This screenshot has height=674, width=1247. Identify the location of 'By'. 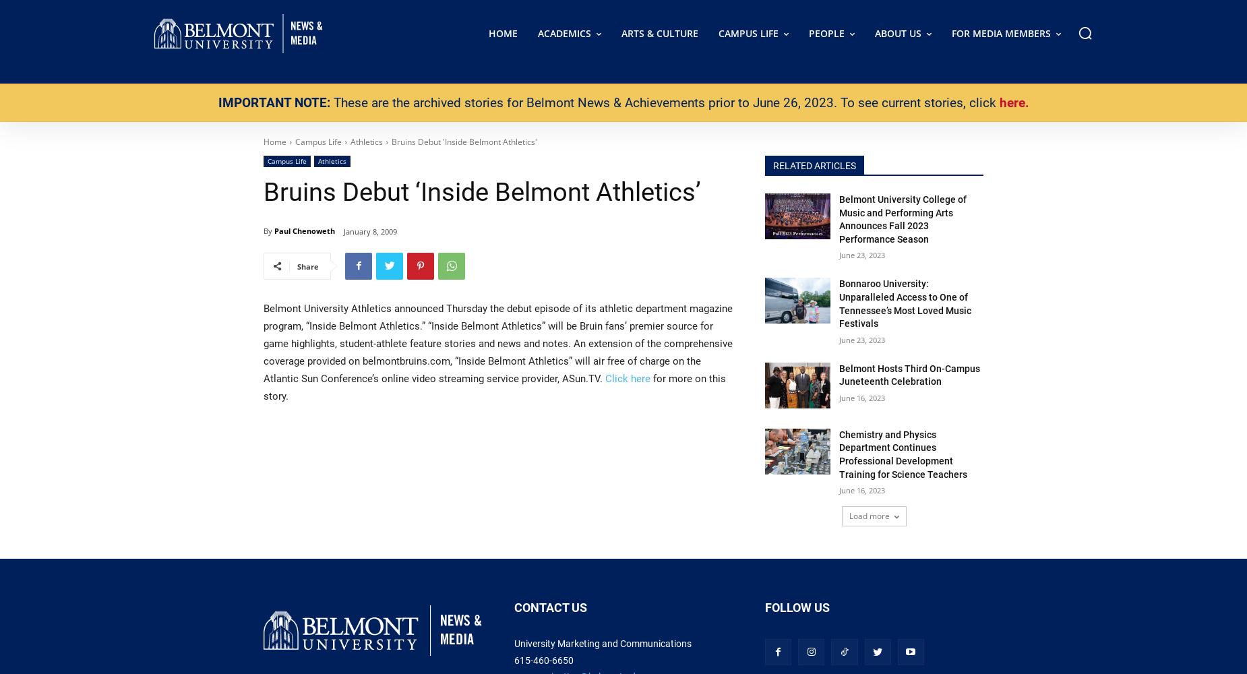
(267, 230).